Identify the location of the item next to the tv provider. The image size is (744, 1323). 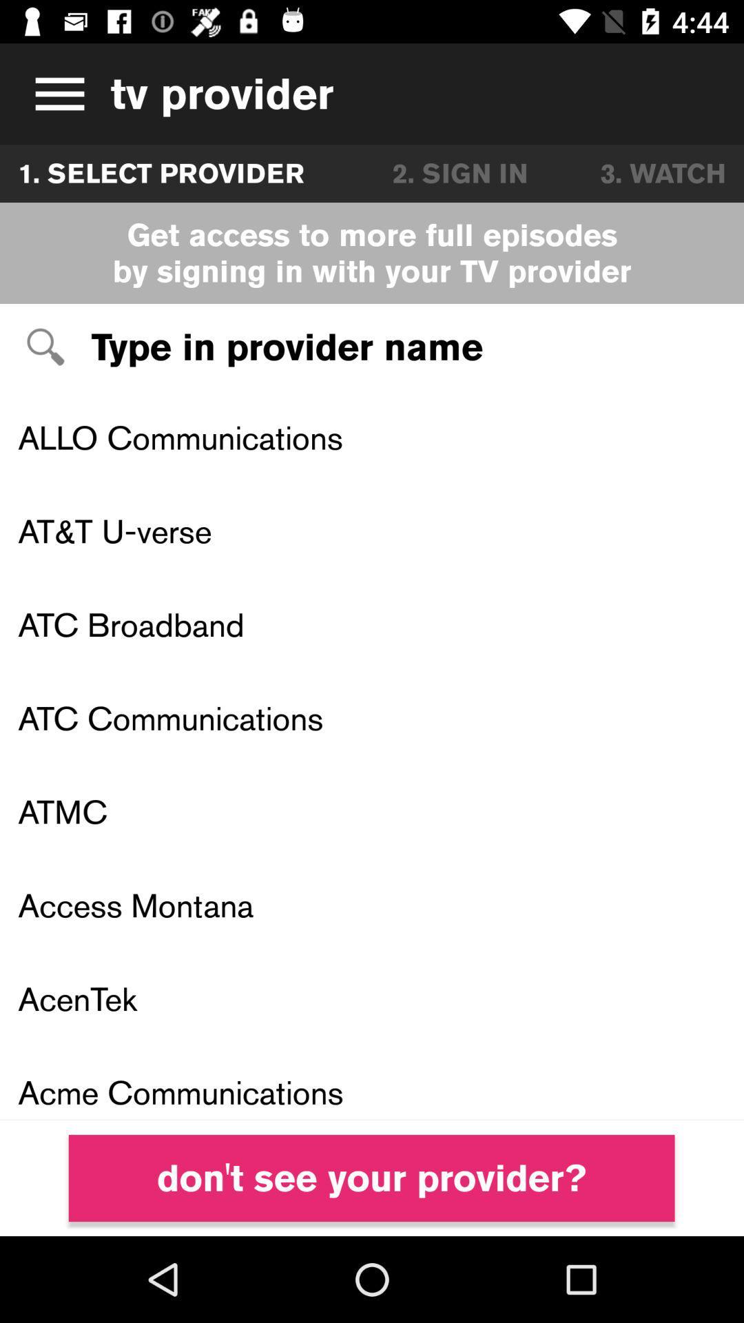
(54, 93).